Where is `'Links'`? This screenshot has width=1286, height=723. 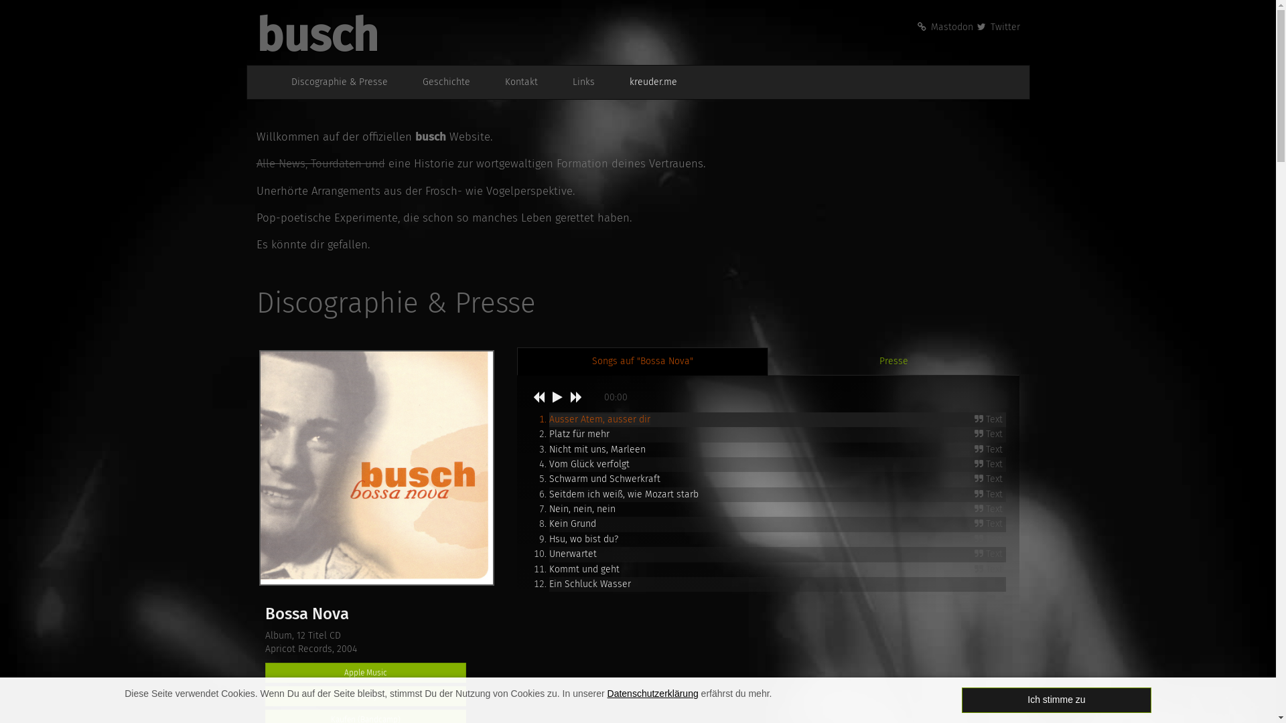
'Links' is located at coordinates (576, 82).